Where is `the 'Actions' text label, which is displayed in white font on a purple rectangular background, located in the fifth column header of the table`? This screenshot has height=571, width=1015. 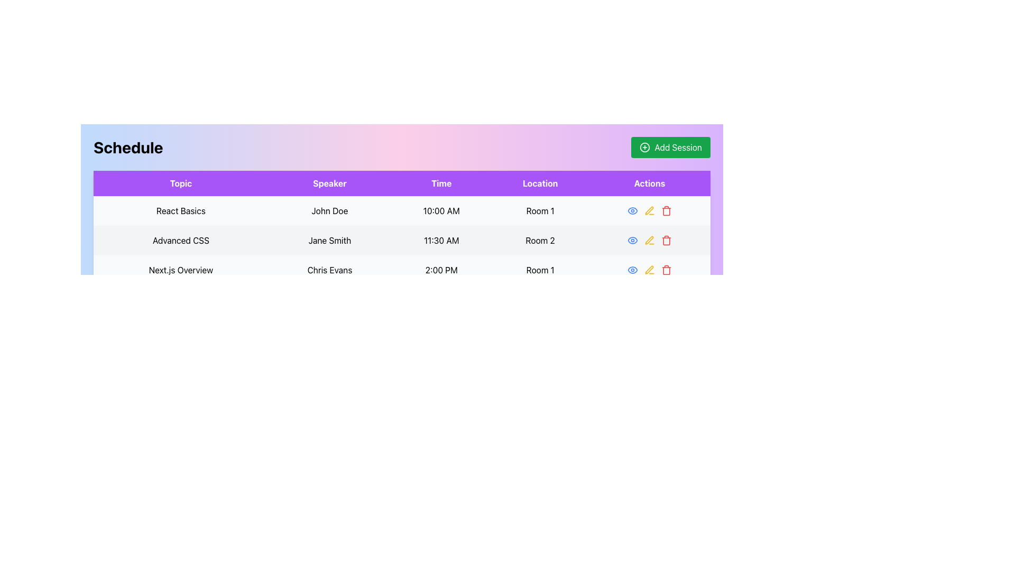
the 'Actions' text label, which is displayed in white font on a purple rectangular background, located in the fifth column header of the table is located at coordinates (649, 183).